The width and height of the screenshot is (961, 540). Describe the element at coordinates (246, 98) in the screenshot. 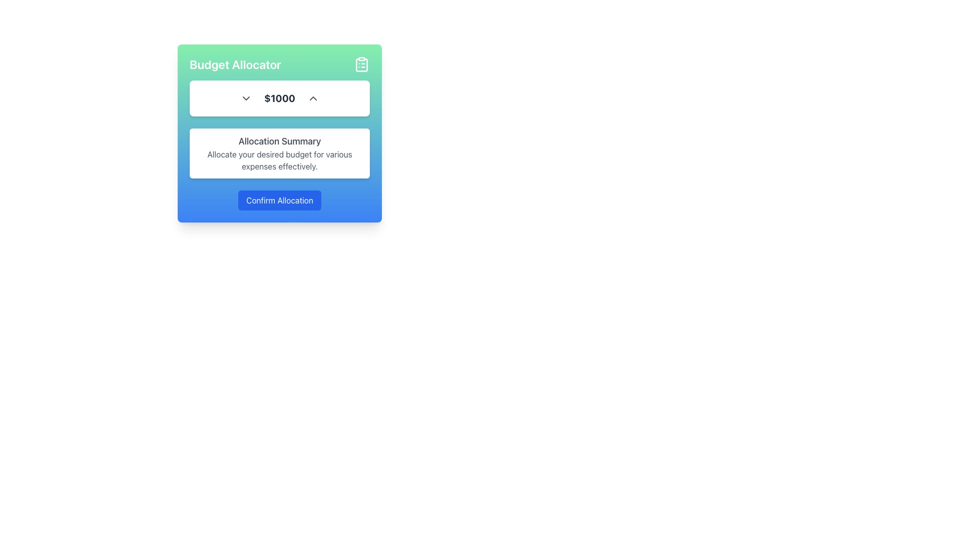

I see `the dropdown indicator button located to the left of the text '$1000' within a white, rounded rectangle box` at that location.